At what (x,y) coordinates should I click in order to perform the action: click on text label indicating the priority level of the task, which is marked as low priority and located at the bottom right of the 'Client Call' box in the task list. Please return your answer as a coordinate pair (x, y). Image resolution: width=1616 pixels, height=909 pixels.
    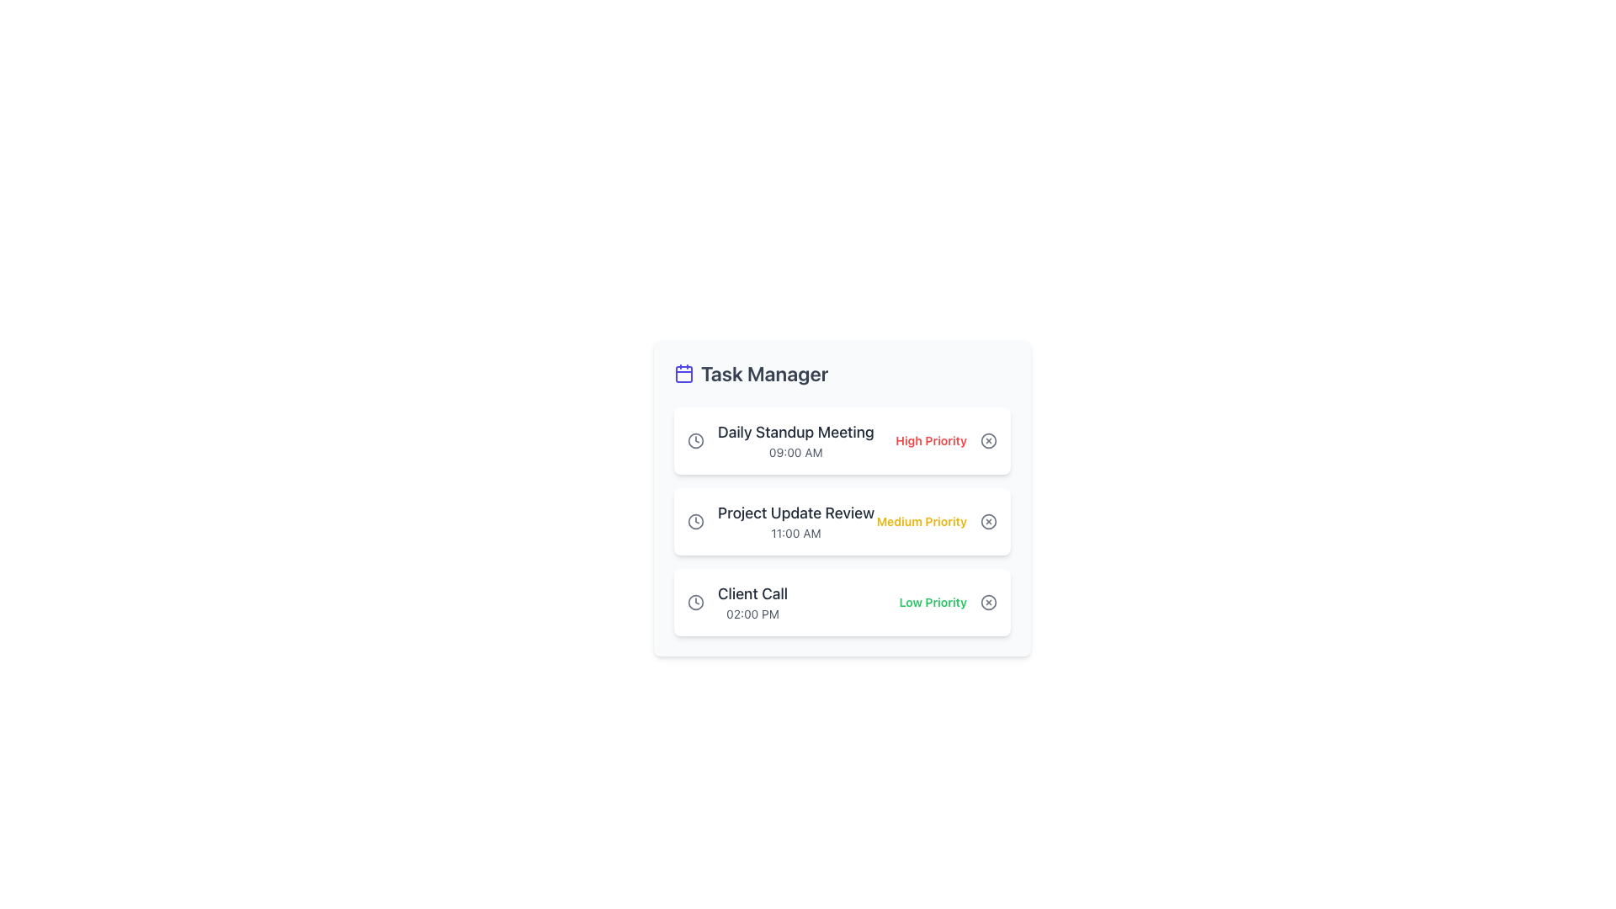
    Looking at the image, I should click on (932, 602).